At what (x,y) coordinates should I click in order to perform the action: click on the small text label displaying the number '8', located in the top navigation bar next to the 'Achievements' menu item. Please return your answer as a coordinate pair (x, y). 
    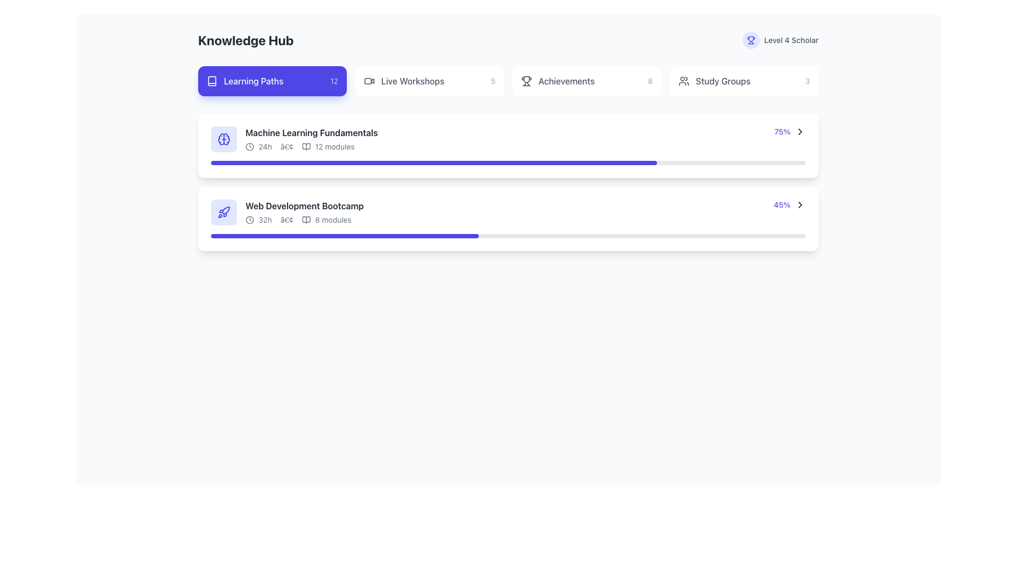
    Looking at the image, I should click on (649, 80).